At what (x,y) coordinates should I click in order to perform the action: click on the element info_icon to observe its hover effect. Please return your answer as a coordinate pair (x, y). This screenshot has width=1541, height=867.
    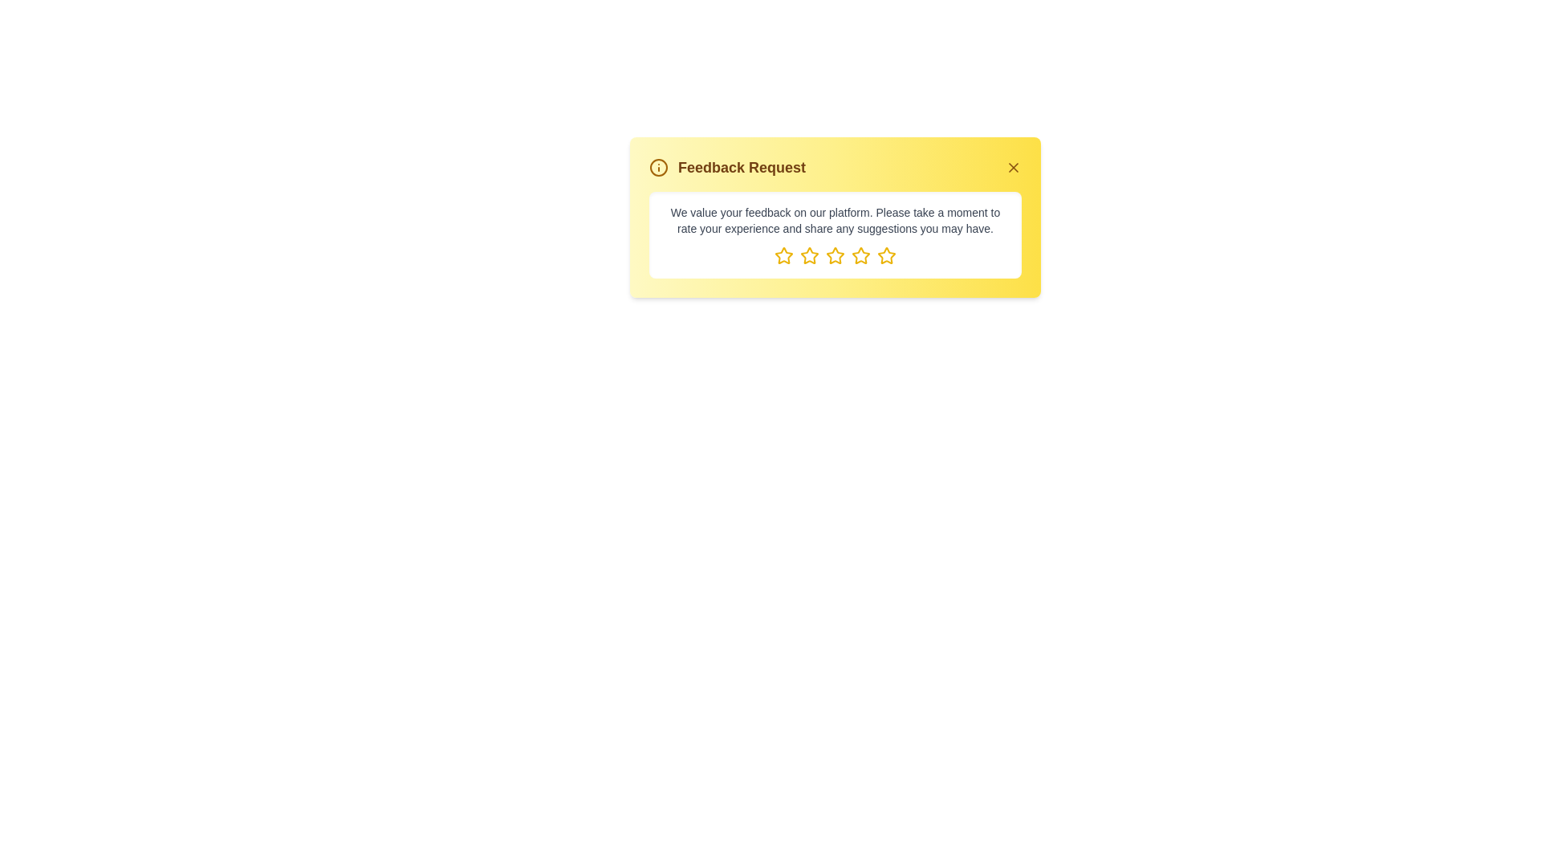
    Looking at the image, I should click on (658, 167).